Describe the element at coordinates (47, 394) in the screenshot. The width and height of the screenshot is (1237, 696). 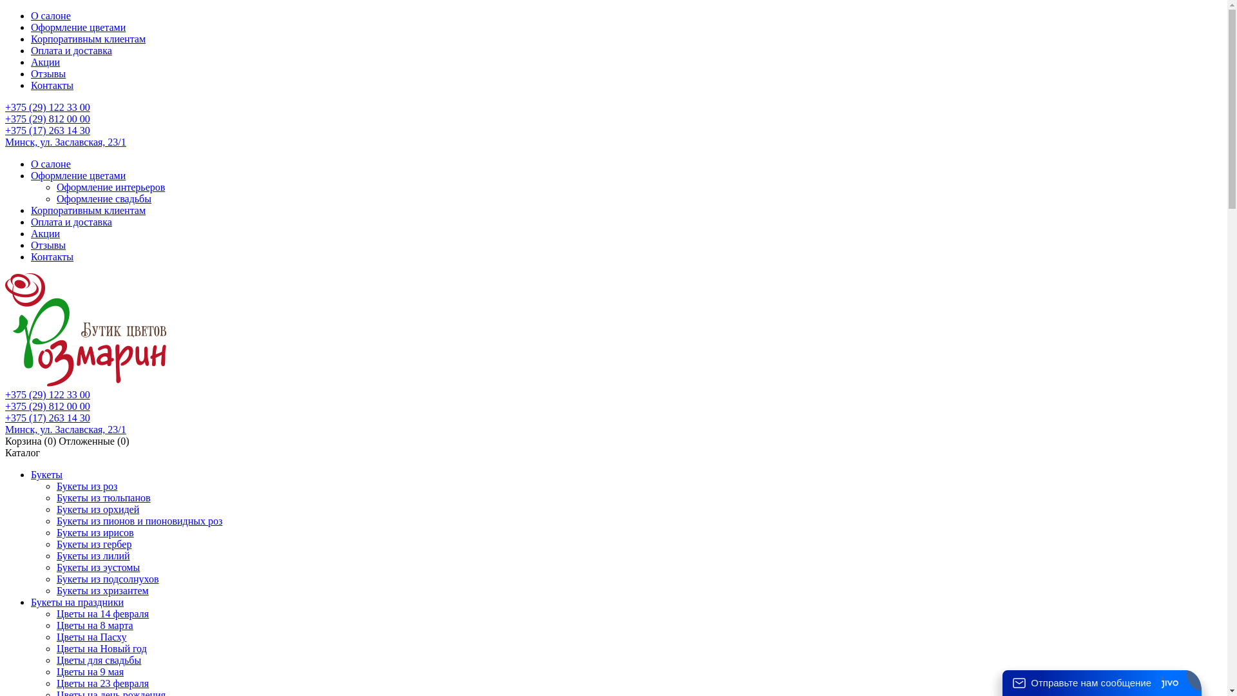
I see `'+375 (29) 122 33 00'` at that location.